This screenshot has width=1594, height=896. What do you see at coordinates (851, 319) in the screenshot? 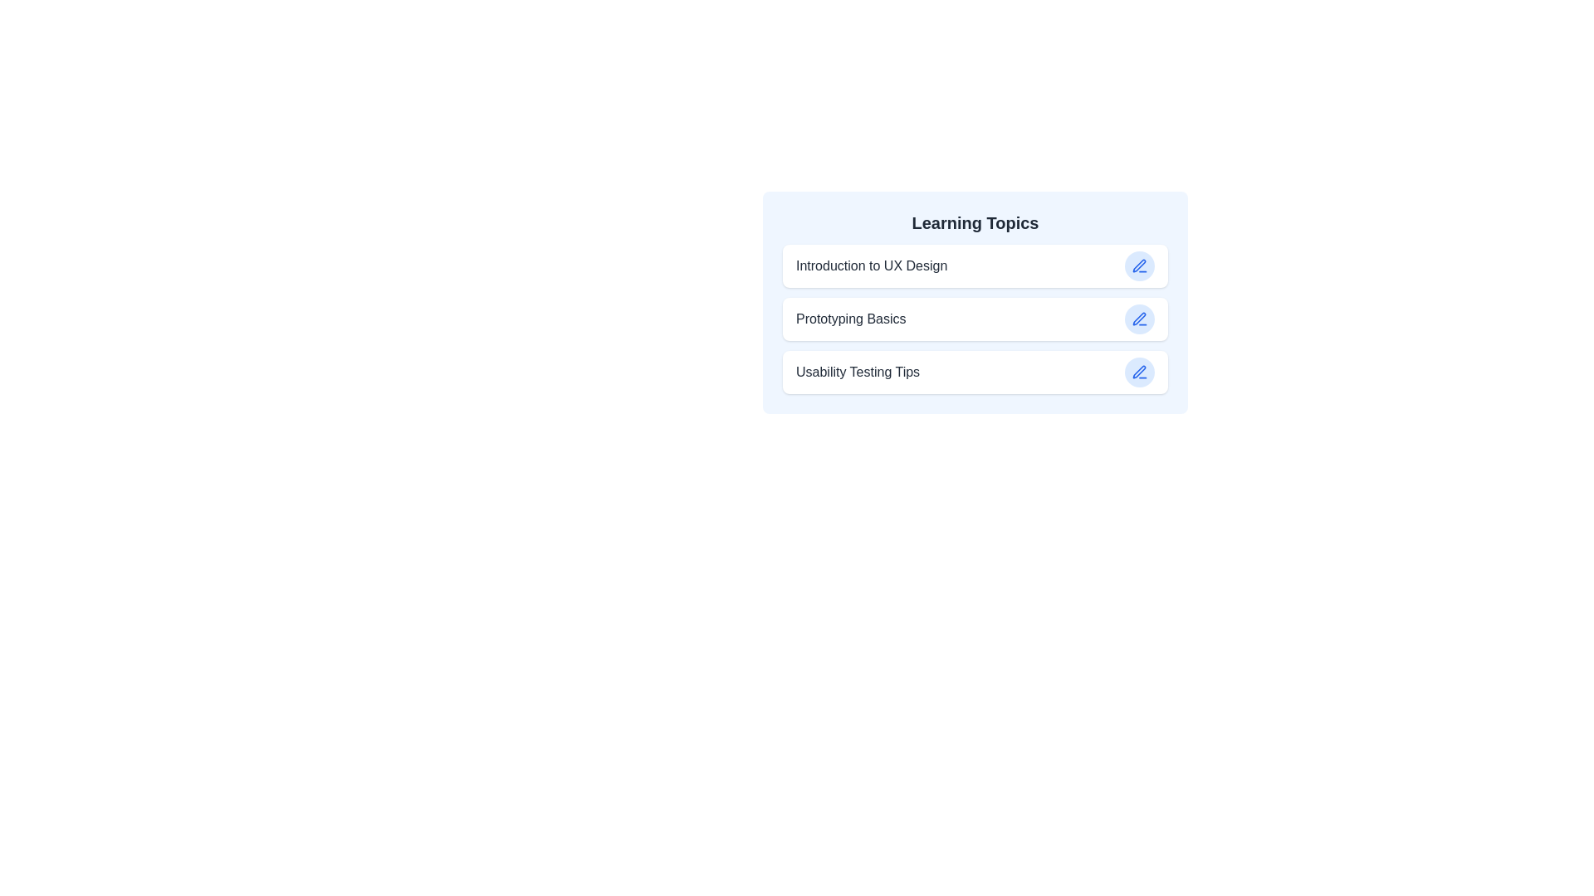
I see `the title of the item Prototyping Basics` at bounding box center [851, 319].